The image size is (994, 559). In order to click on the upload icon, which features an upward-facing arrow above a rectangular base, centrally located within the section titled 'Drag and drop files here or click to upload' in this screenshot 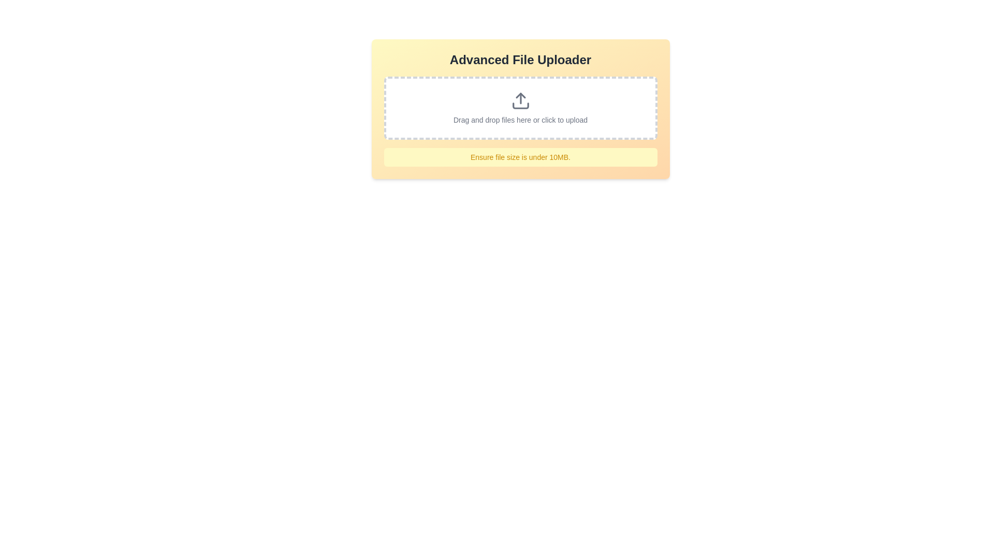, I will do `click(520, 101)`.